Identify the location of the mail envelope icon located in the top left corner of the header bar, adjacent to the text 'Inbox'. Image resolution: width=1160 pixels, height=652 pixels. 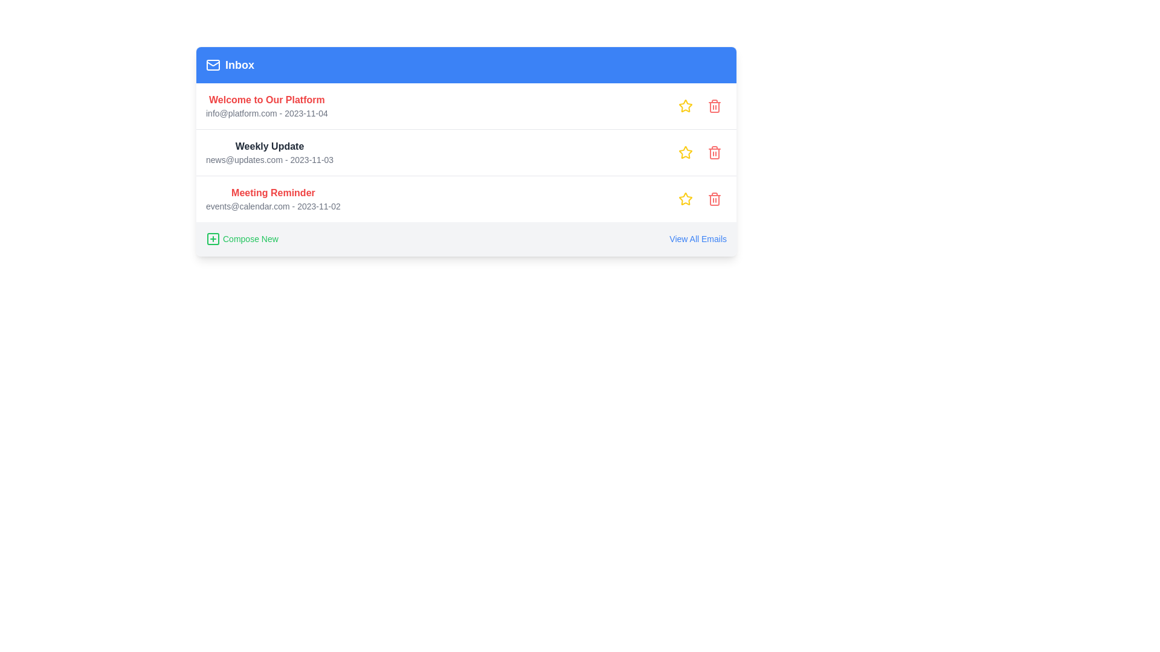
(213, 65).